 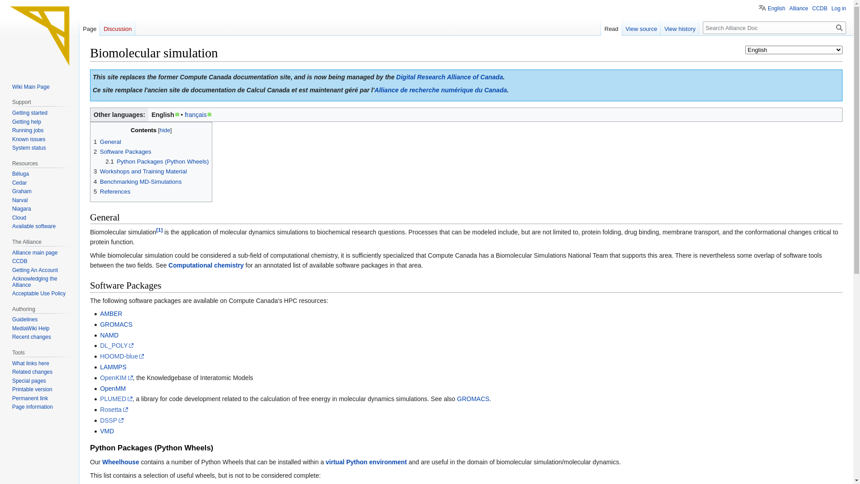 I want to click on 'Niagara', so click(x=21, y=209).